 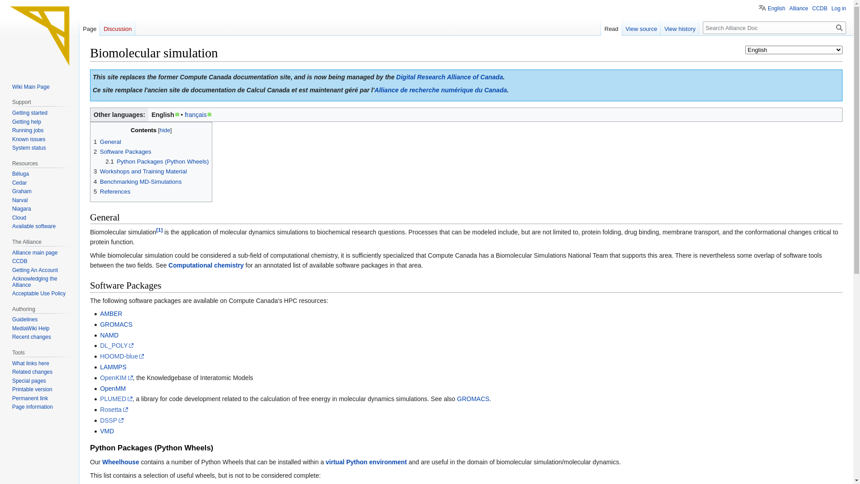 I want to click on 'Niagara', so click(x=21, y=209).